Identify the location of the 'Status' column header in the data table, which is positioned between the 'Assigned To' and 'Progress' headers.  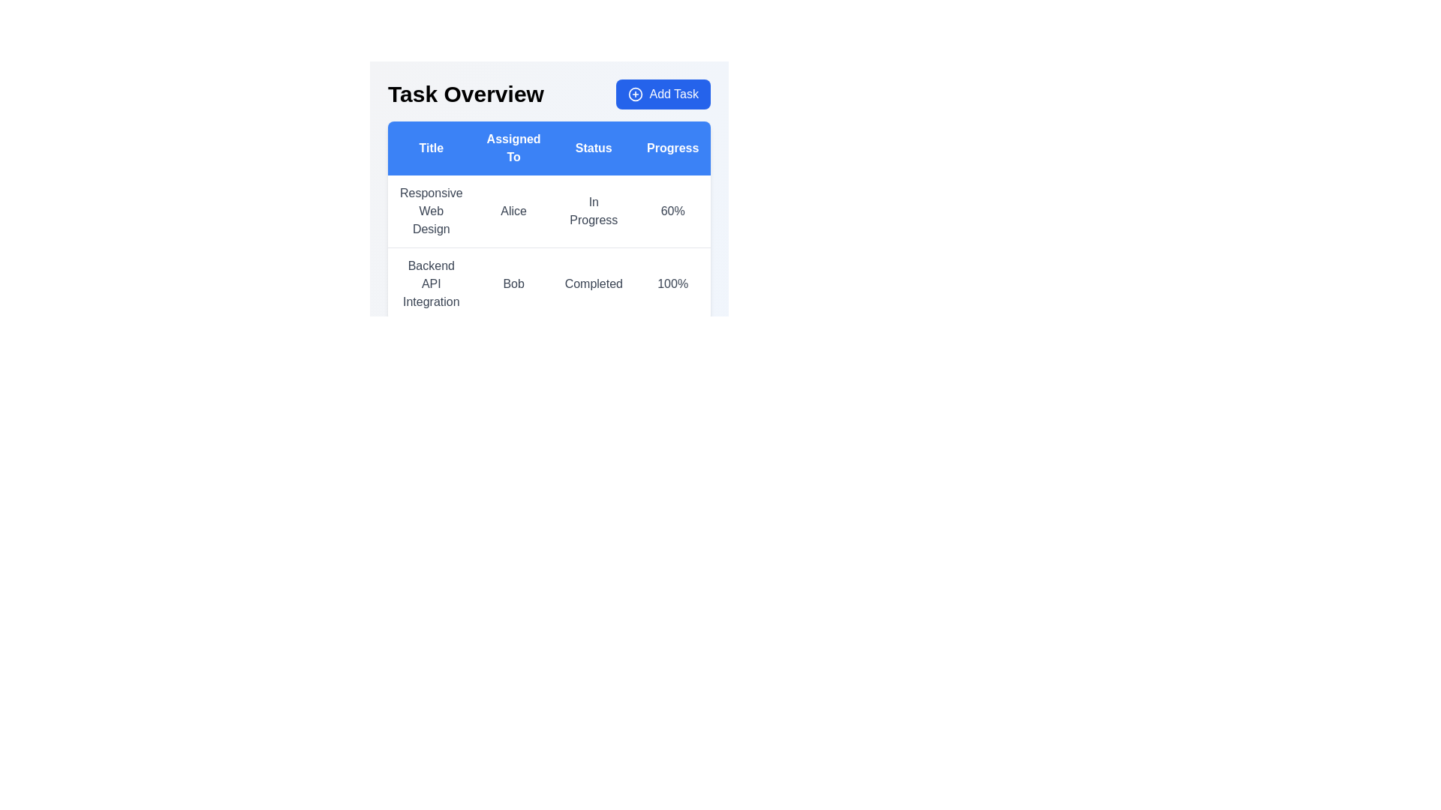
(593, 148).